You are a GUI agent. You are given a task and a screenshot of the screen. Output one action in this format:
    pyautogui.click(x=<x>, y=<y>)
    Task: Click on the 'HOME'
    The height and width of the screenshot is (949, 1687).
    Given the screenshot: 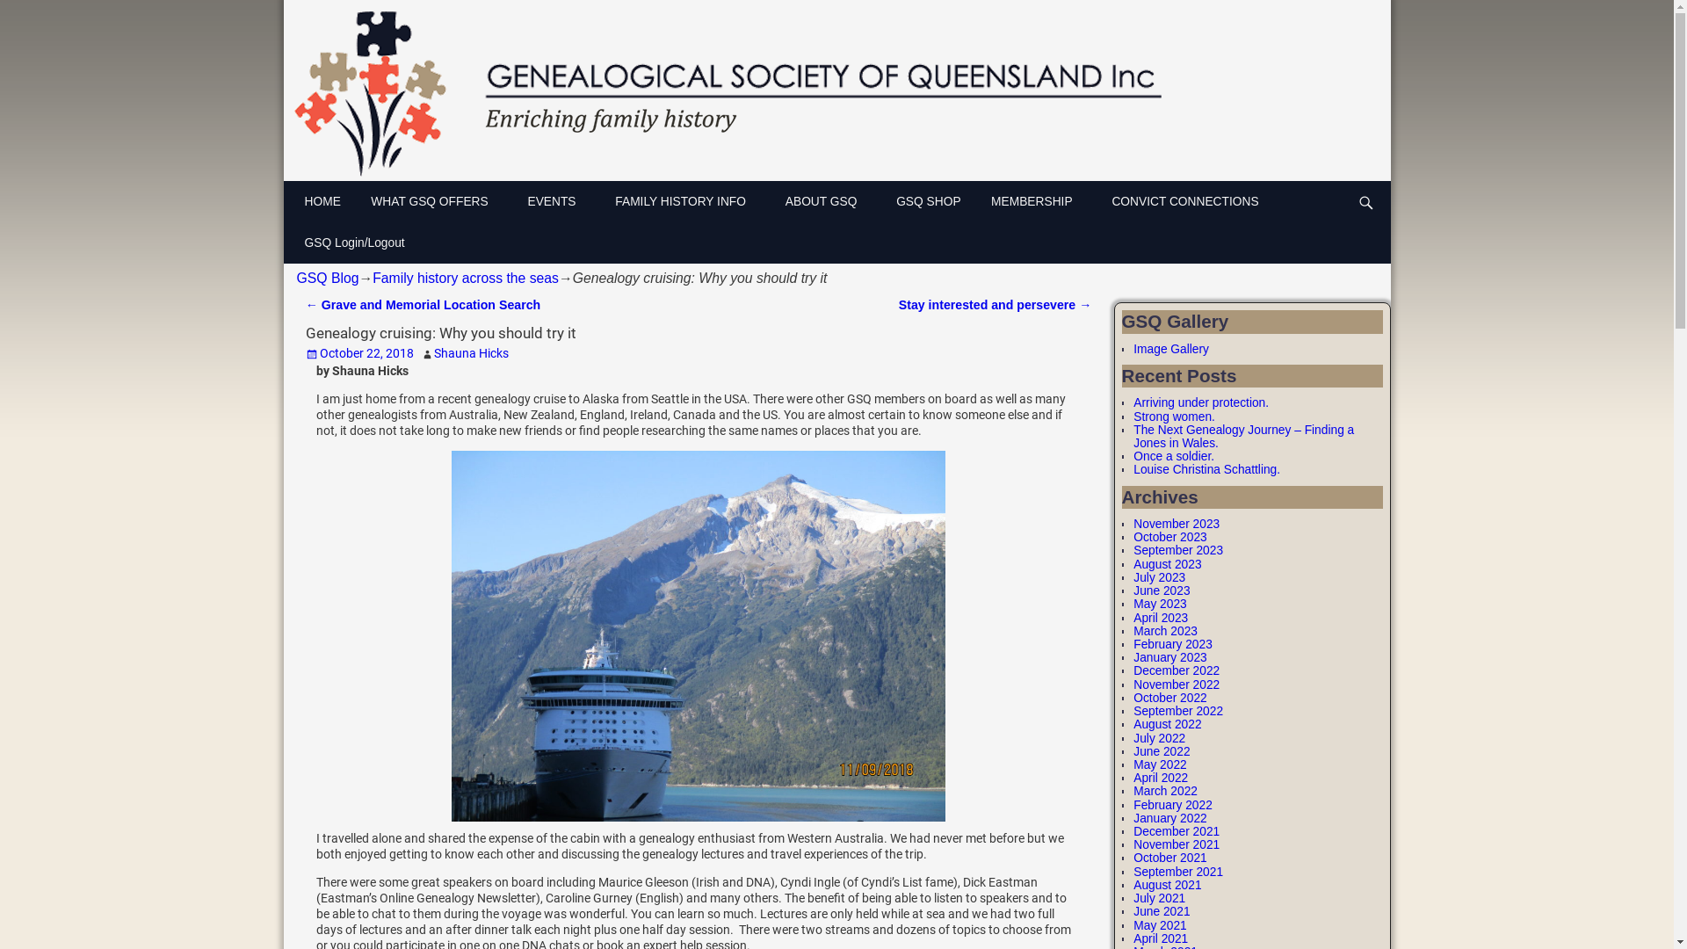 What is the action you would take?
    pyautogui.click(x=329, y=200)
    